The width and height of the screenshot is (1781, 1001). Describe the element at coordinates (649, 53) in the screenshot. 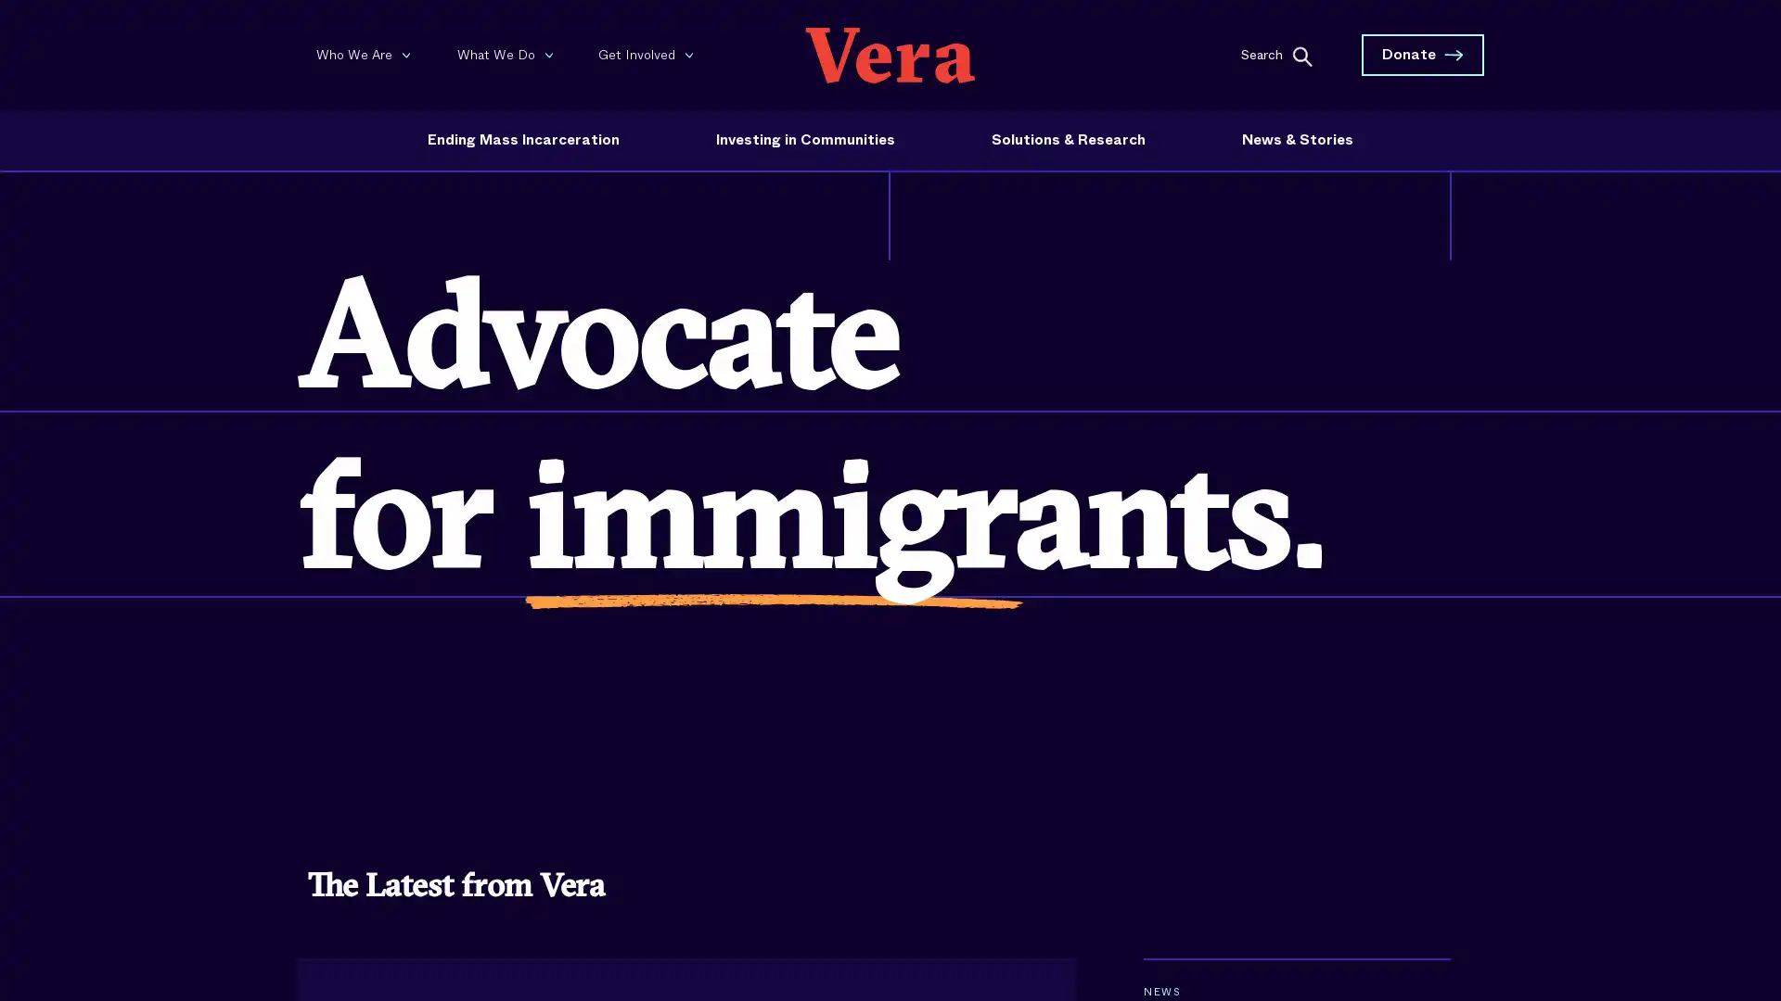

I see `Get Involved` at that location.